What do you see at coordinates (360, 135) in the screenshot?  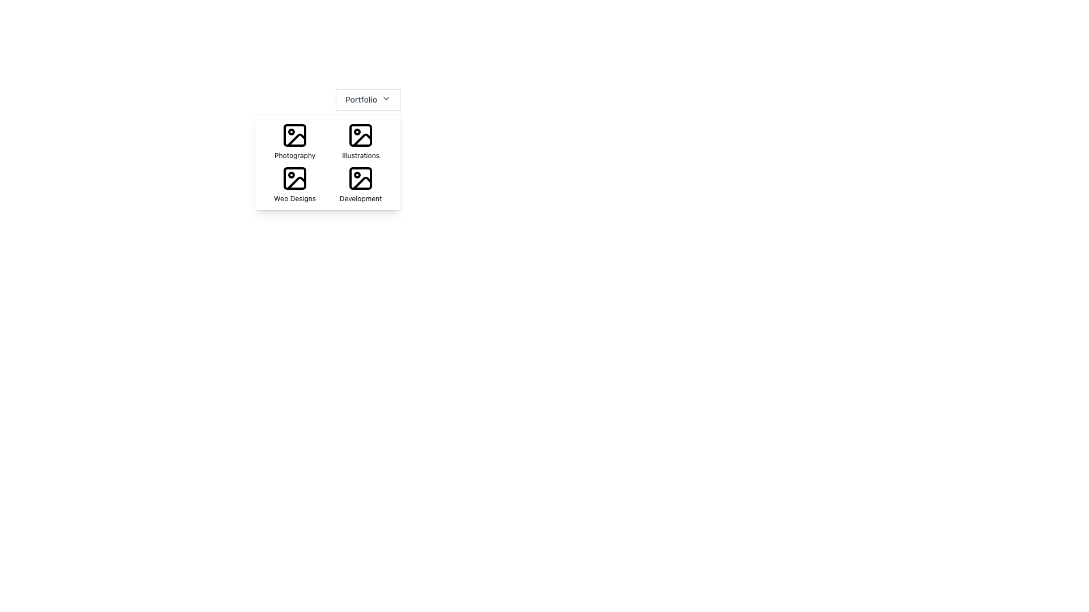 I see `the square icon with a stylized image symbol and the label 'Illustrations'` at bounding box center [360, 135].